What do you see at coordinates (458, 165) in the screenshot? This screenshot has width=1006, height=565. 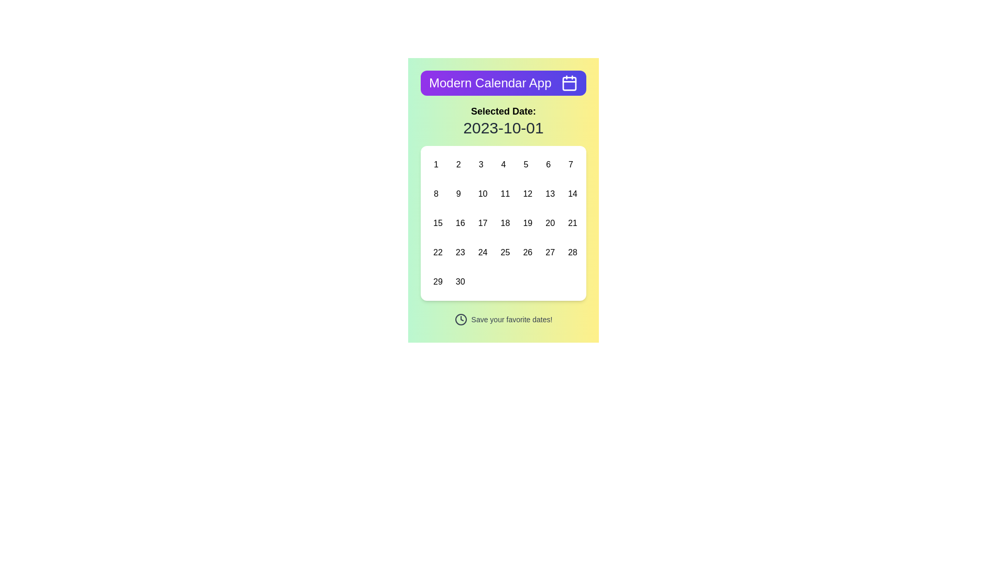 I see `the small, rounded rectangular button with the numeral '2' centered within it` at bounding box center [458, 165].